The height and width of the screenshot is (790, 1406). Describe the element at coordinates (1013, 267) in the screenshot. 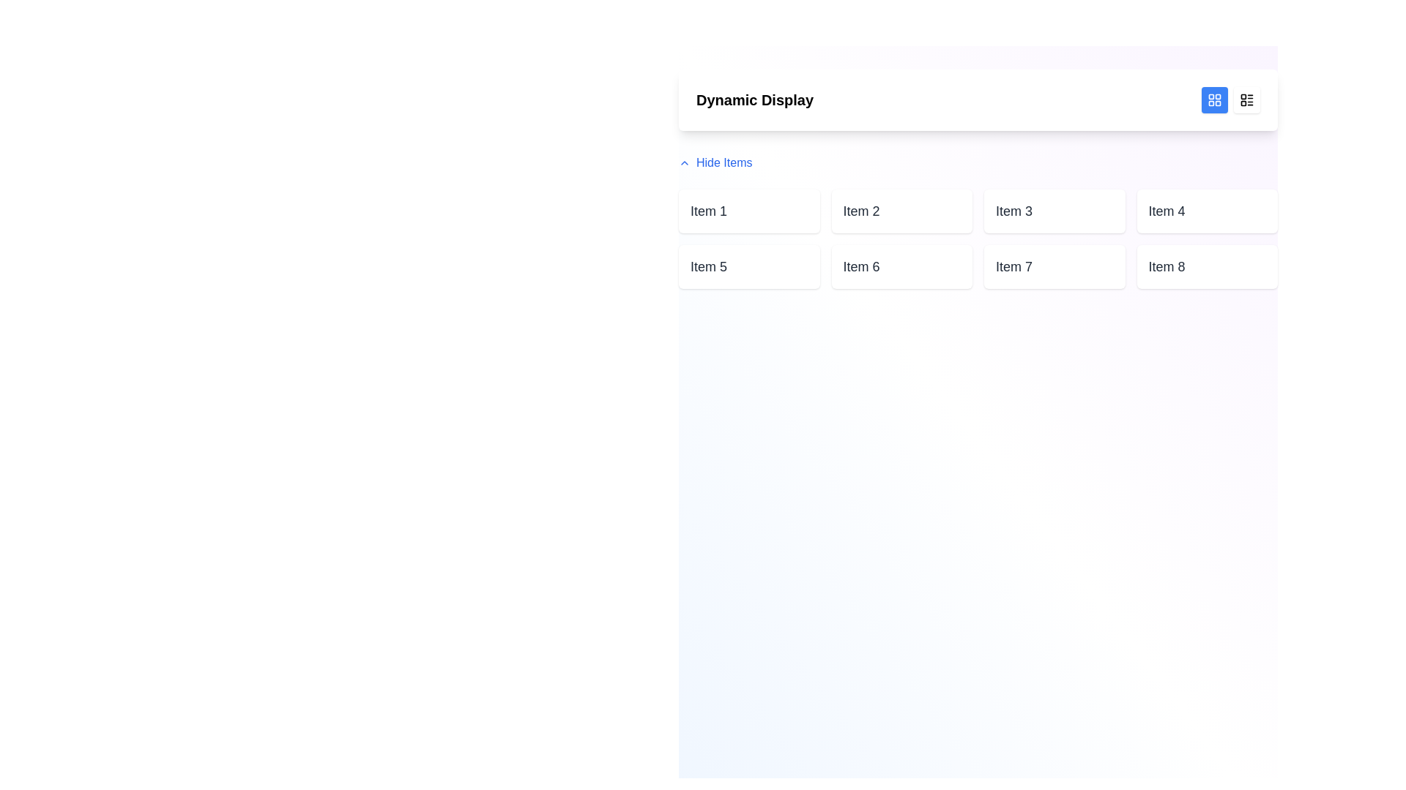

I see `the text label located in the second row and third column of the grid, which serves as an identifier for a specific item` at that location.